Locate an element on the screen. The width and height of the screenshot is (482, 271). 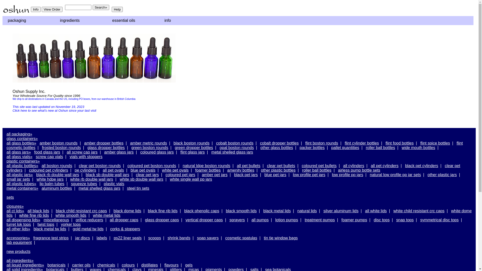
'black metal lids' is located at coordinates (277, 211).